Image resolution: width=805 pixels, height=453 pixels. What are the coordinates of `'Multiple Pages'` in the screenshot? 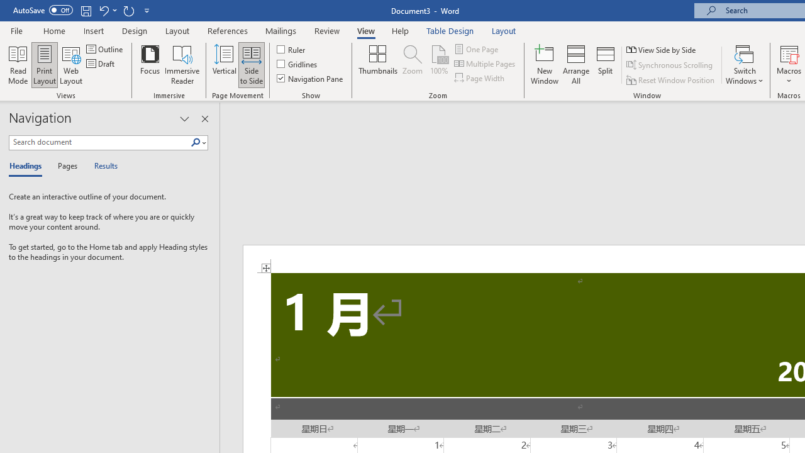 It's located at (485, 64).